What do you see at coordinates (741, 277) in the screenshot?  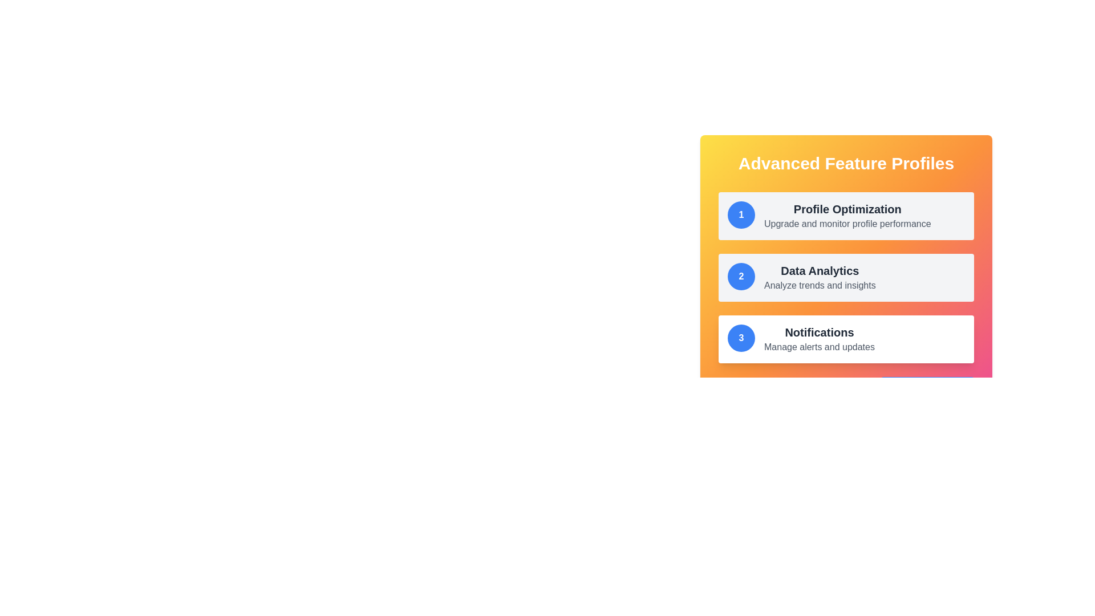 I see `the circular numerical badge displaying the bold white numeral '2' on a solid blue background, which is positioned to the left of the 'Data Analytics' text content` at bounding box center [741, 277].